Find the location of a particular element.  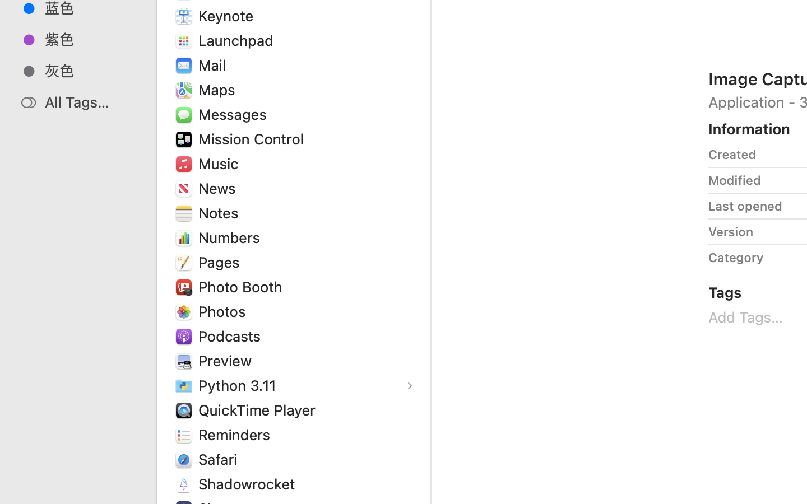

'Keynote' is located at coordinates (228, 15).